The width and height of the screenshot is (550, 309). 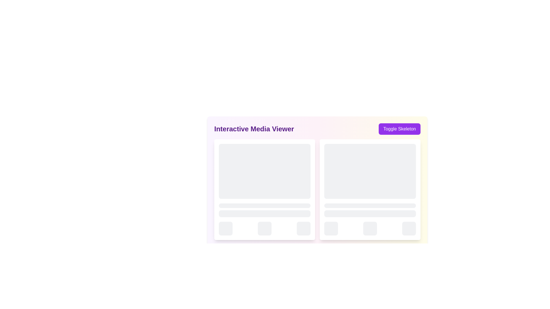 What do you see at coordinates (303, 228) in the screenshot?
I see `the loading animation block, which is the third element in a row of three at the bottom section of the panel` at bounding box center [303, 228].